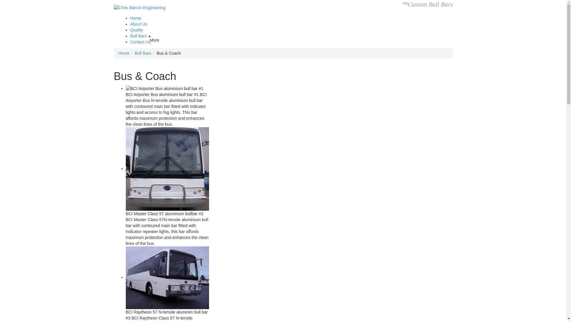 The width and height of the screenshot is (571, 321). What do you see at coordinates (130, 42) in the screenshot?
I see `'Contact Us'` at bounding box center [130, 42].